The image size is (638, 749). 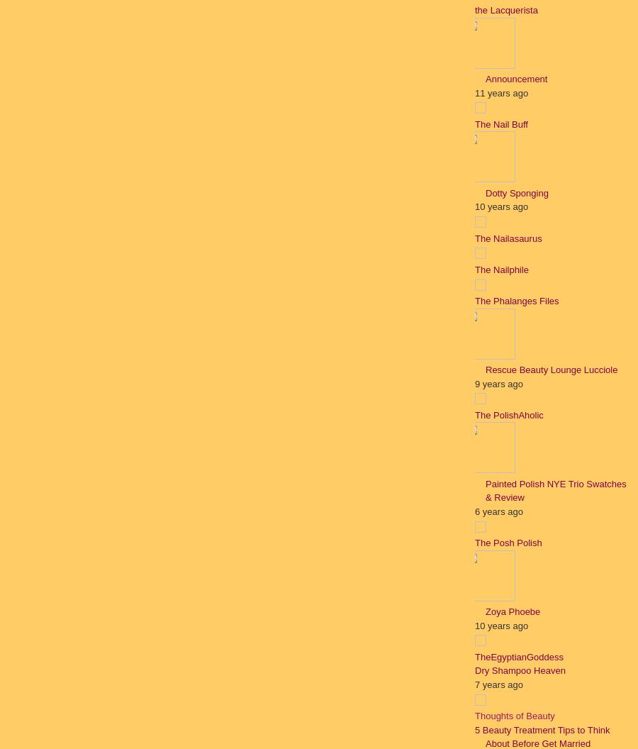 What do you see at coordinates (554, 490) in the screenshot?
I see `'Painted Polish NYE Trio Swatches & Review'` at bounding box center [554, 490].